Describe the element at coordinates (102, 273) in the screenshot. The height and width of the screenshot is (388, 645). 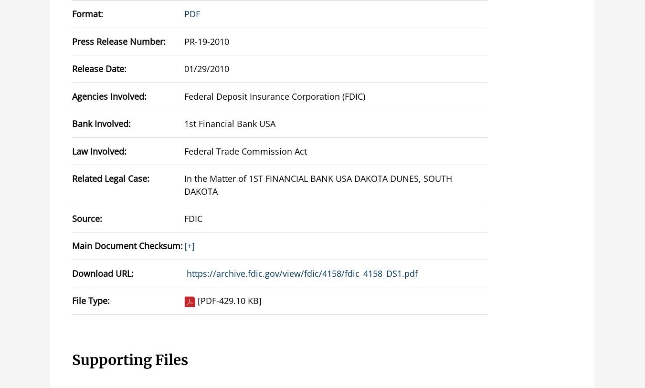
I see `'Download URL:'` at that location.